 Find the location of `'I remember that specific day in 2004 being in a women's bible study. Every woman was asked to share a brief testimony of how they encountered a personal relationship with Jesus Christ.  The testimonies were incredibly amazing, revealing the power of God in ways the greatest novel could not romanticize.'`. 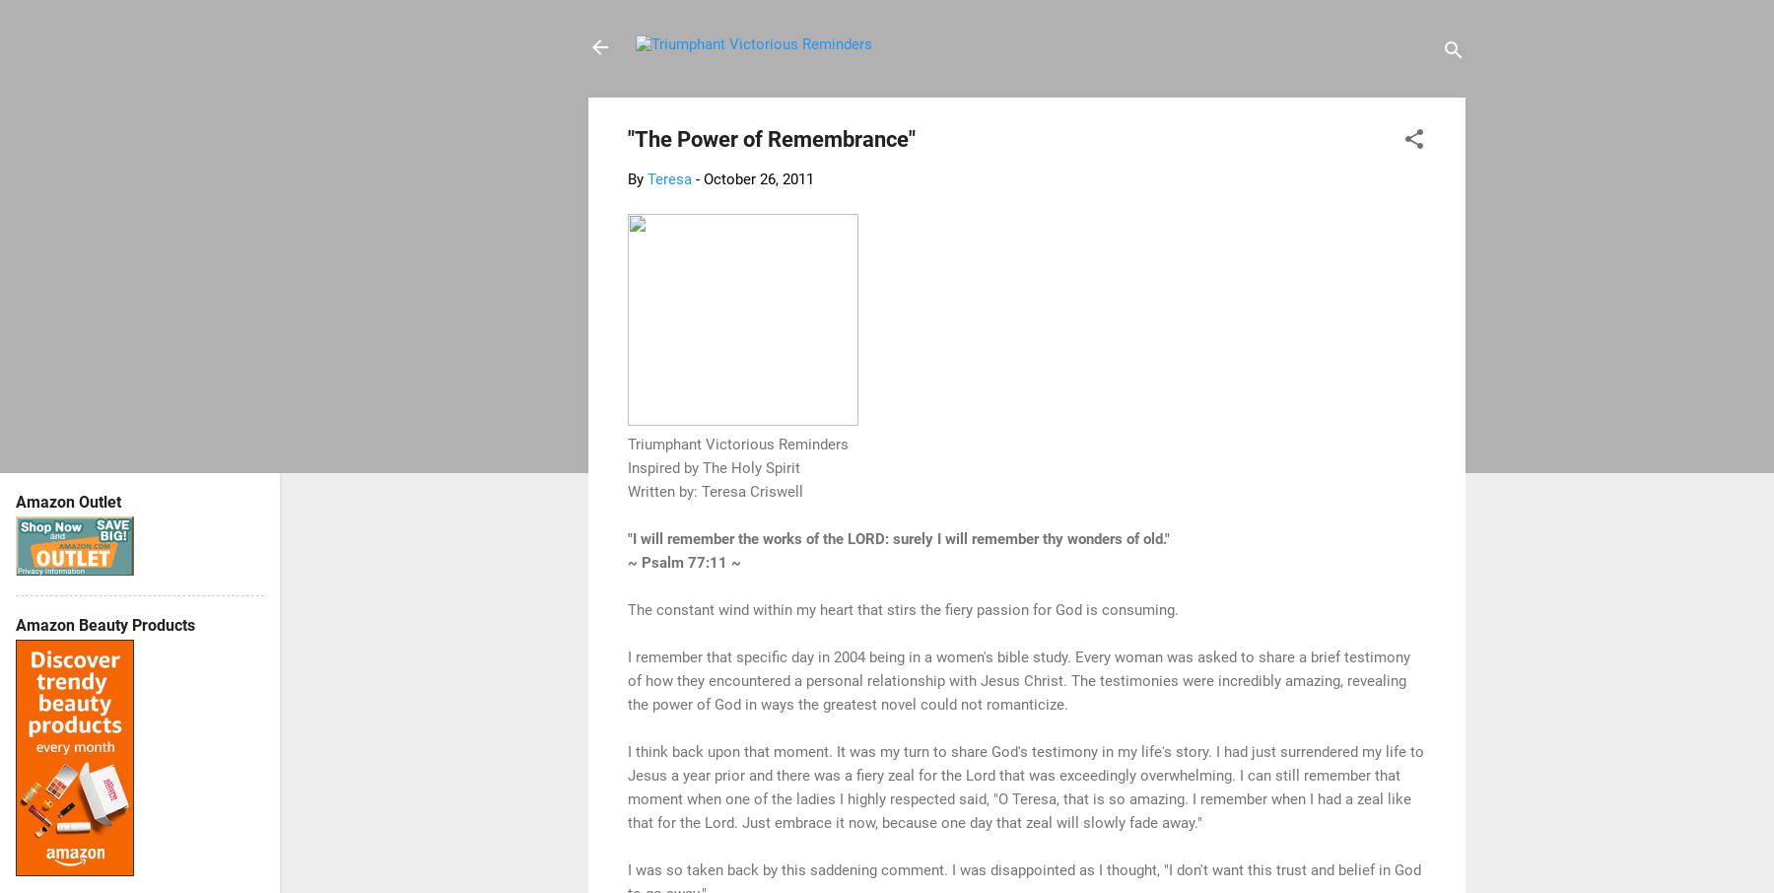

'I remember that specific day in 2004 being in a women's bible study. Every woman was asked to share a brief testimony of how they encountered a personal relationship with Jesus Christ.  The testimonies were incredibly amazing, revealing the power of God in ways the greatest novel could not romanticize.' is located at coordinates (628, 680).